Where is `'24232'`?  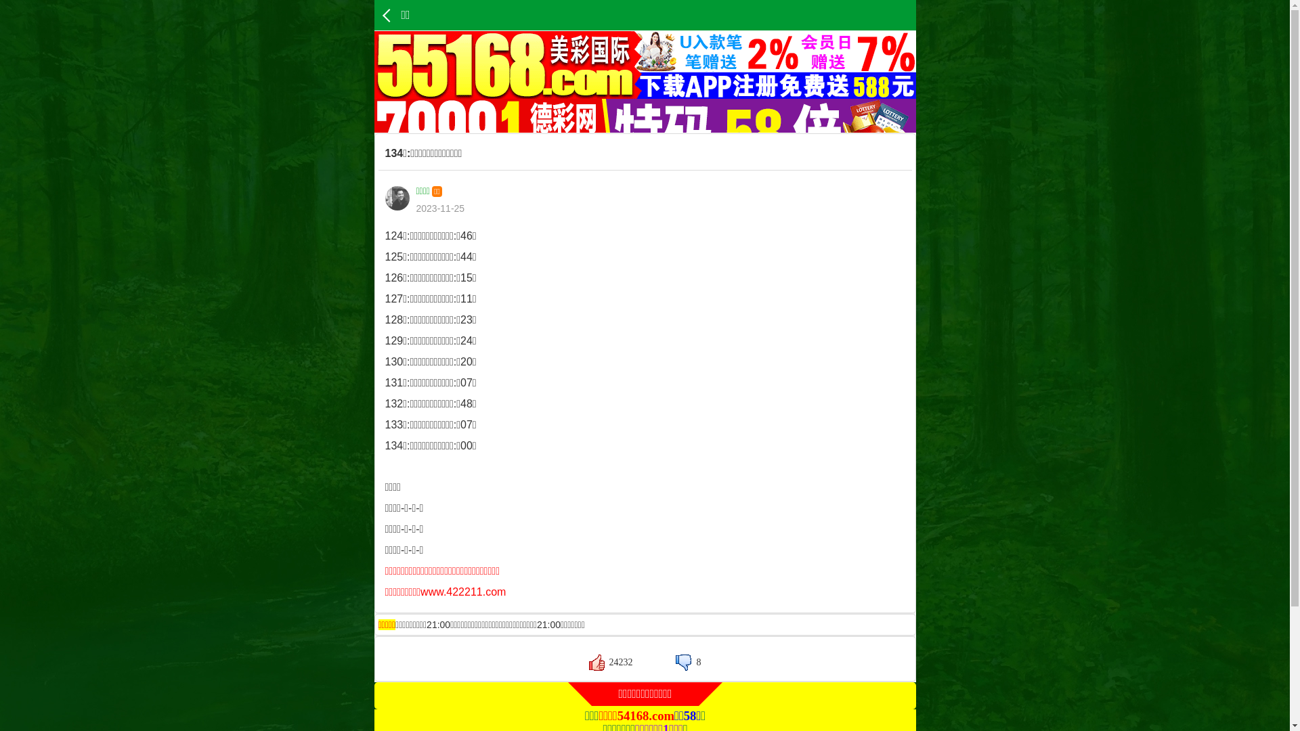 '24232' is located at coordinates (610, 661).